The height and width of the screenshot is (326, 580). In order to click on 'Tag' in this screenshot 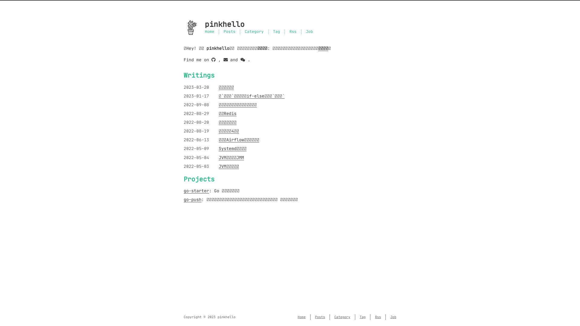, I will do `click(362, 316)`.